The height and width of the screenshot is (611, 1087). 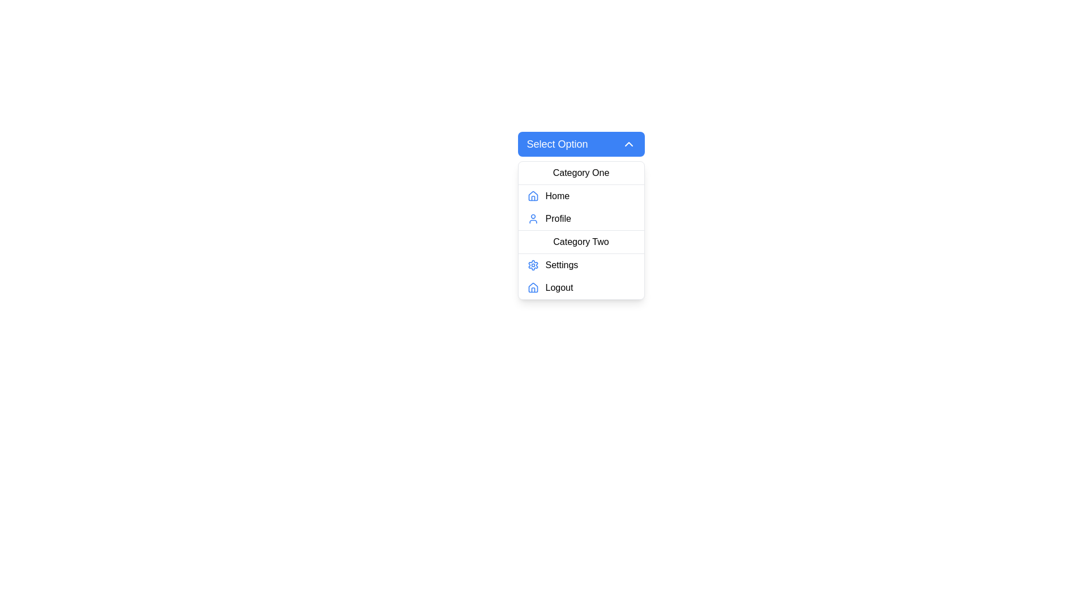 I want to click on the category header label in the dropdown menu located directly below the 'Select Option' title bar, so click(x=581, y=173).